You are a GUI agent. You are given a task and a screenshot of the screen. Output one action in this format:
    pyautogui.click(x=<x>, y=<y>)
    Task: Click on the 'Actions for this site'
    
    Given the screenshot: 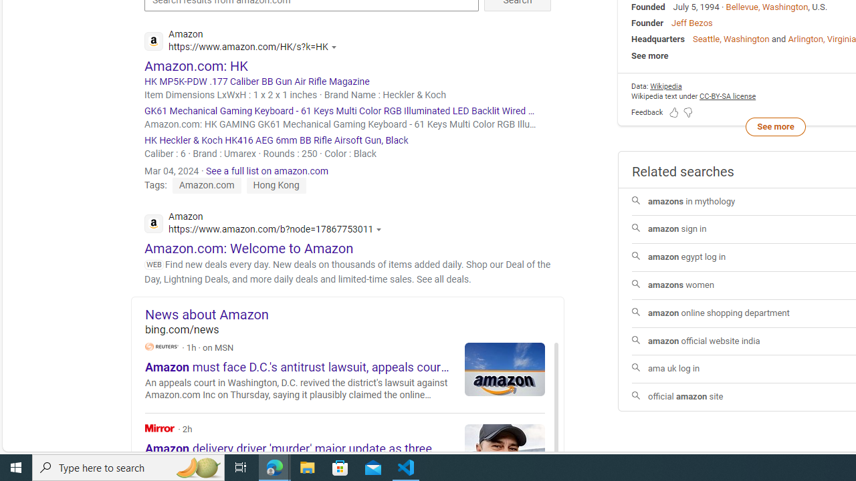 What is the action you would take?
    pyautogui.click(x=381, y=228)
    